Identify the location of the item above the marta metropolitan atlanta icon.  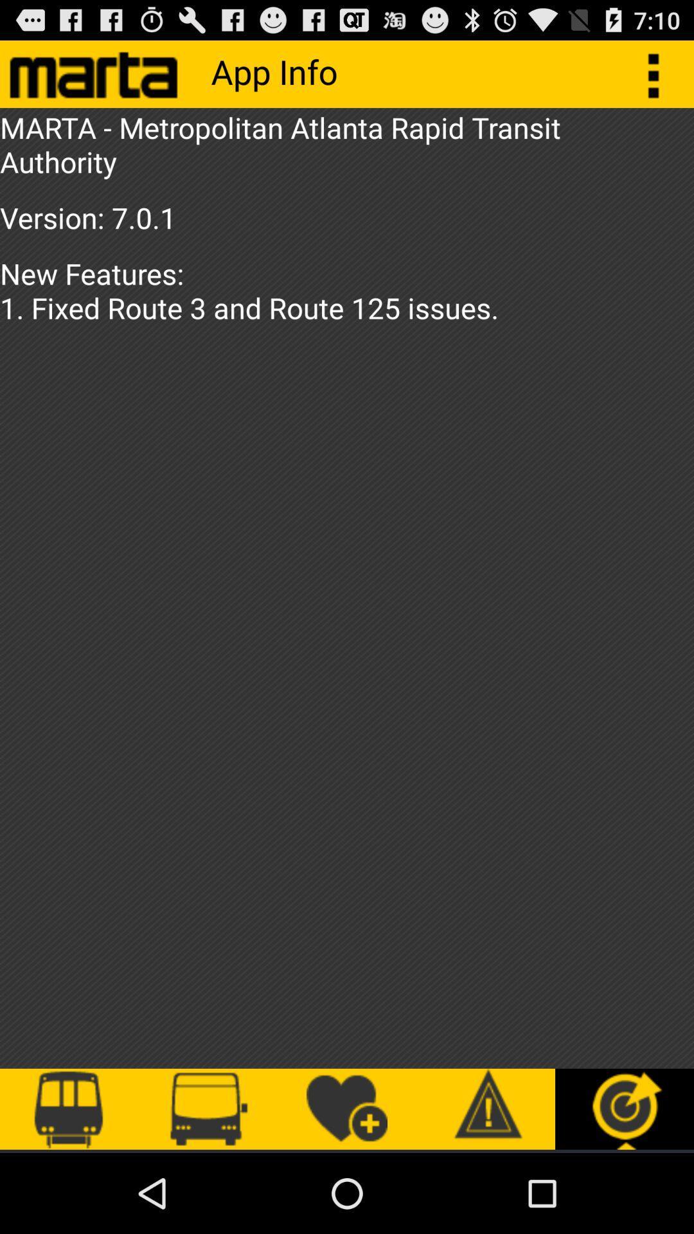
(660, 73).